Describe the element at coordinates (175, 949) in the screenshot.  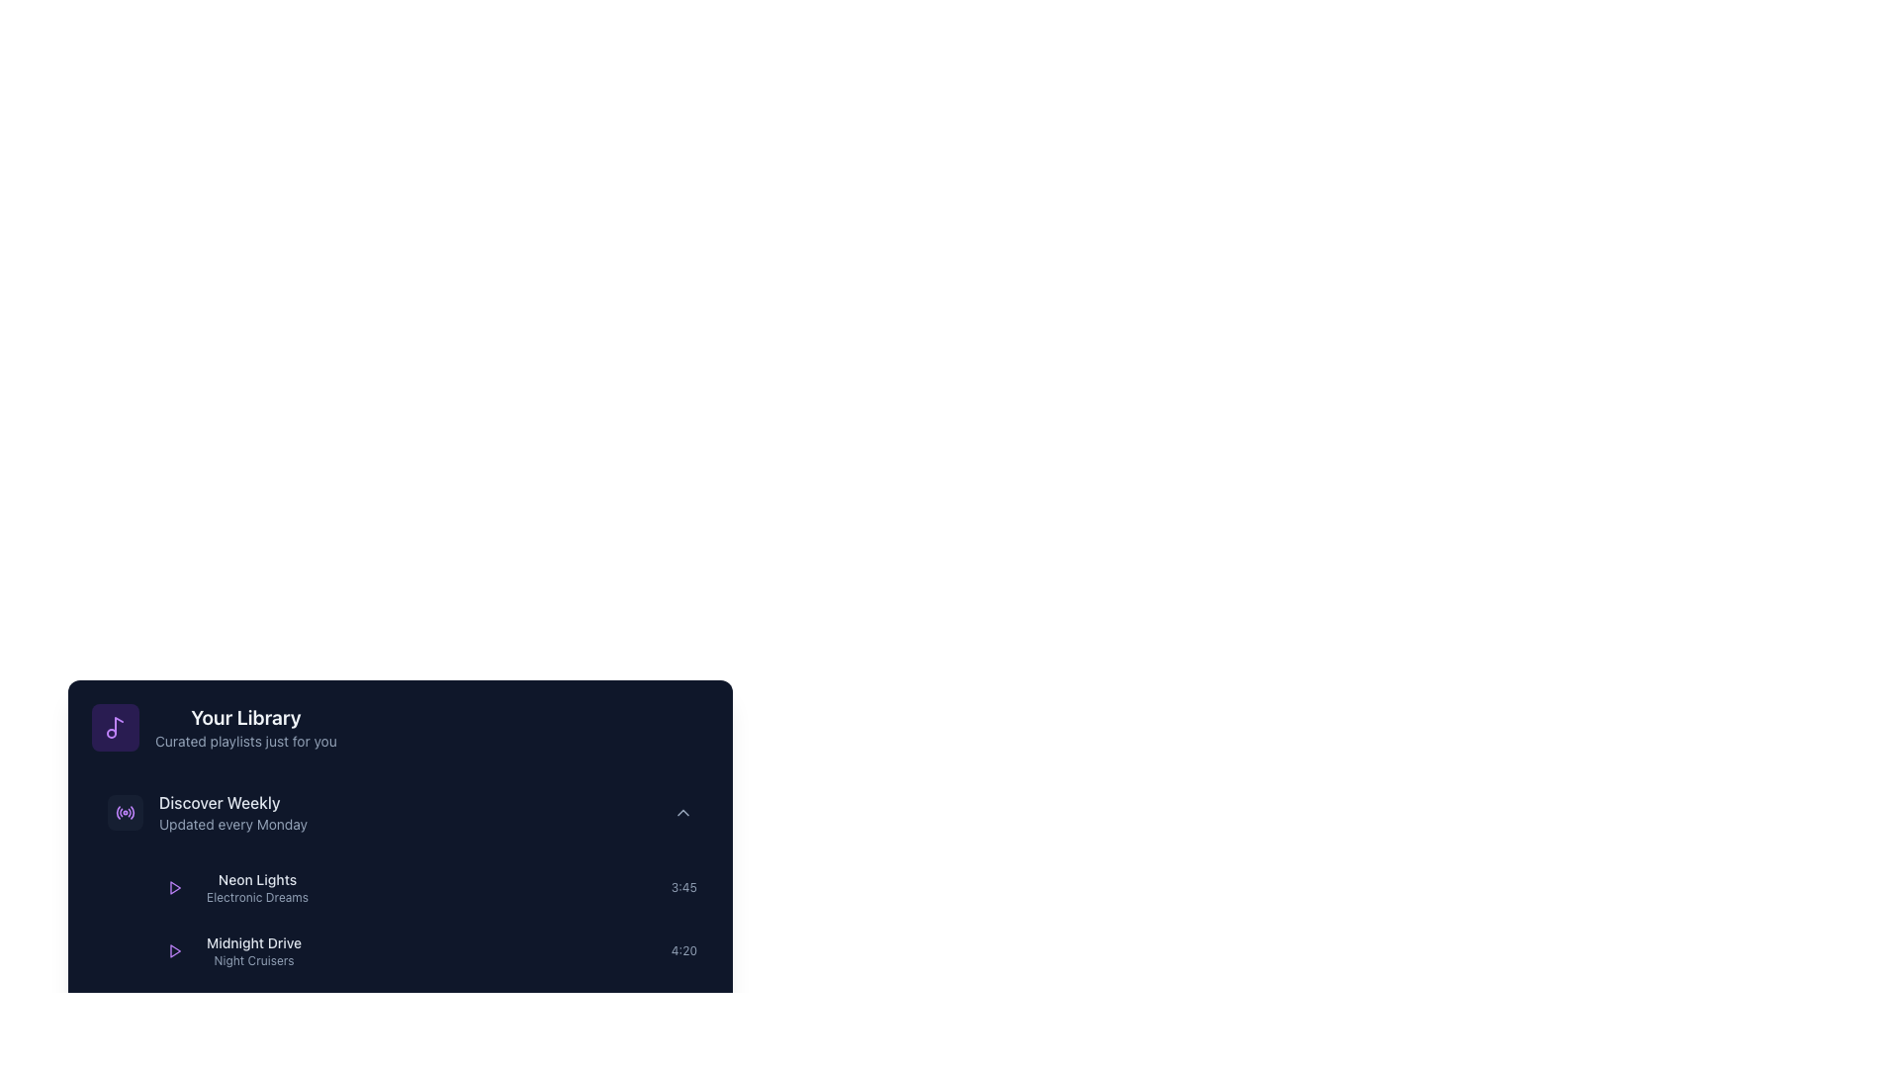
I see `the circular button with a triangular play icon` at that location.